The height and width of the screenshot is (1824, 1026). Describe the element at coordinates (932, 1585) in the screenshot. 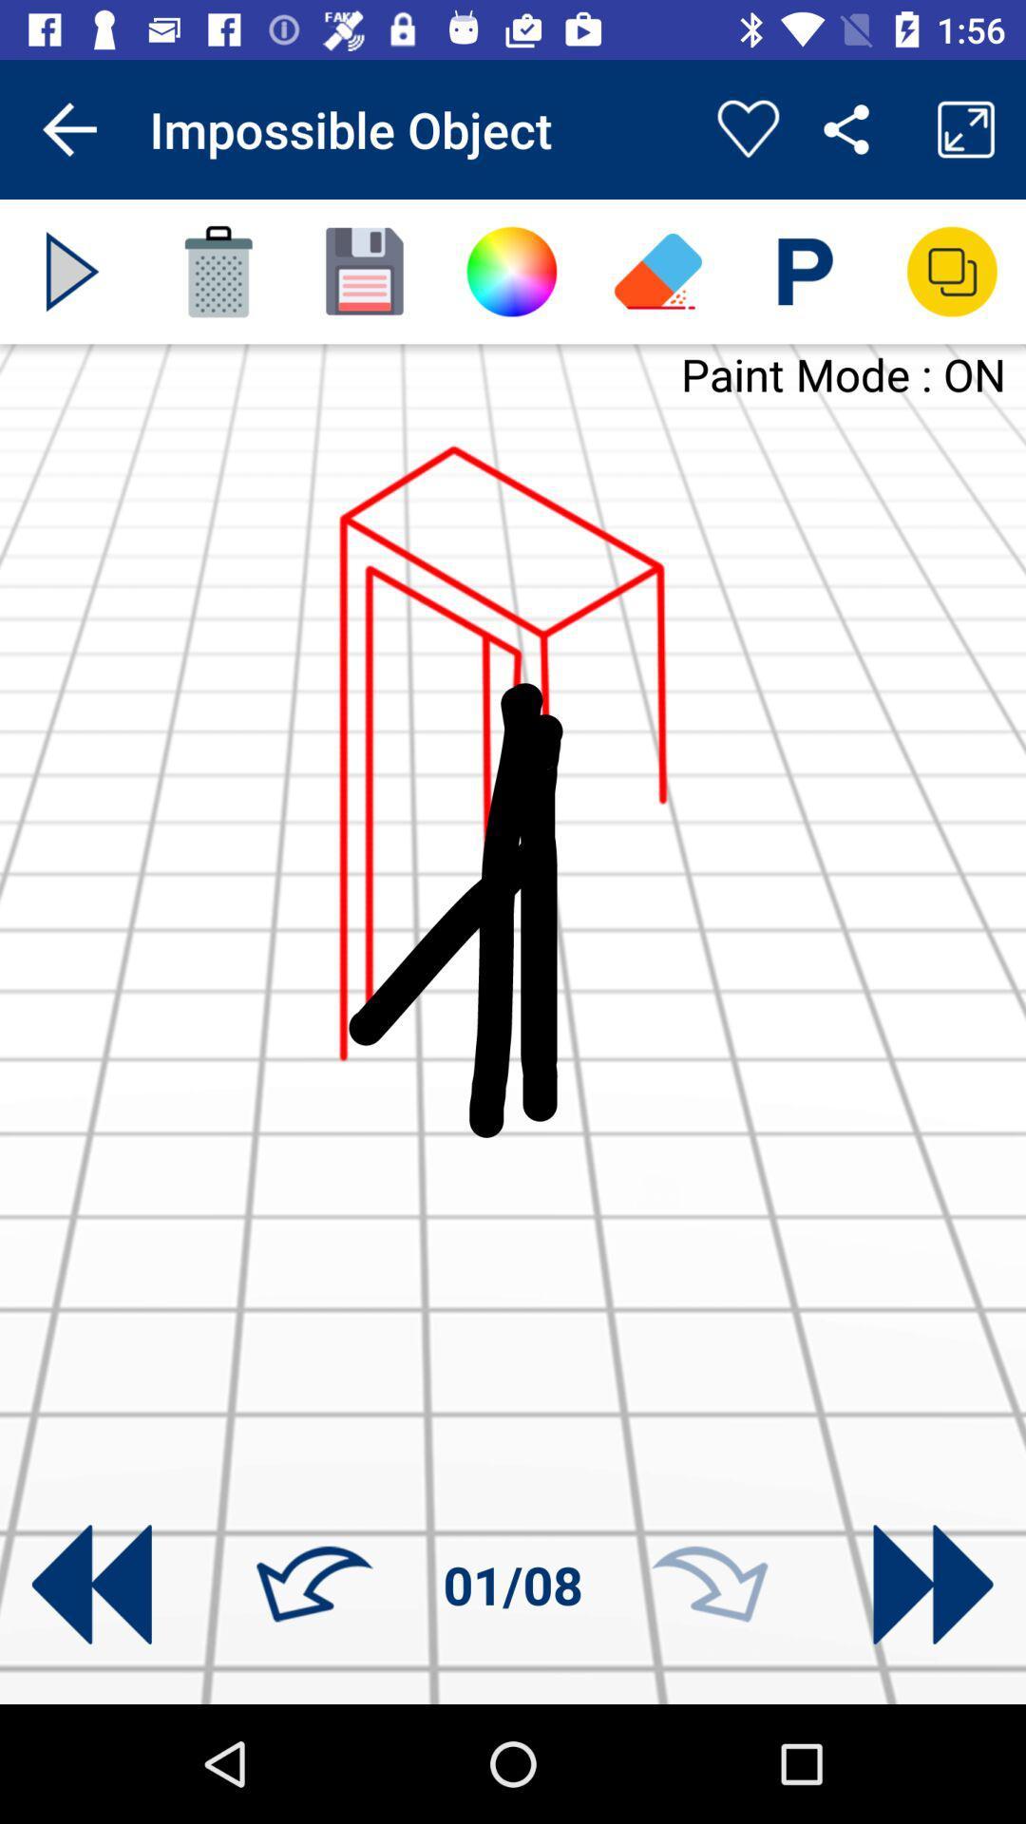

I see `the av_forward icon` at that location.